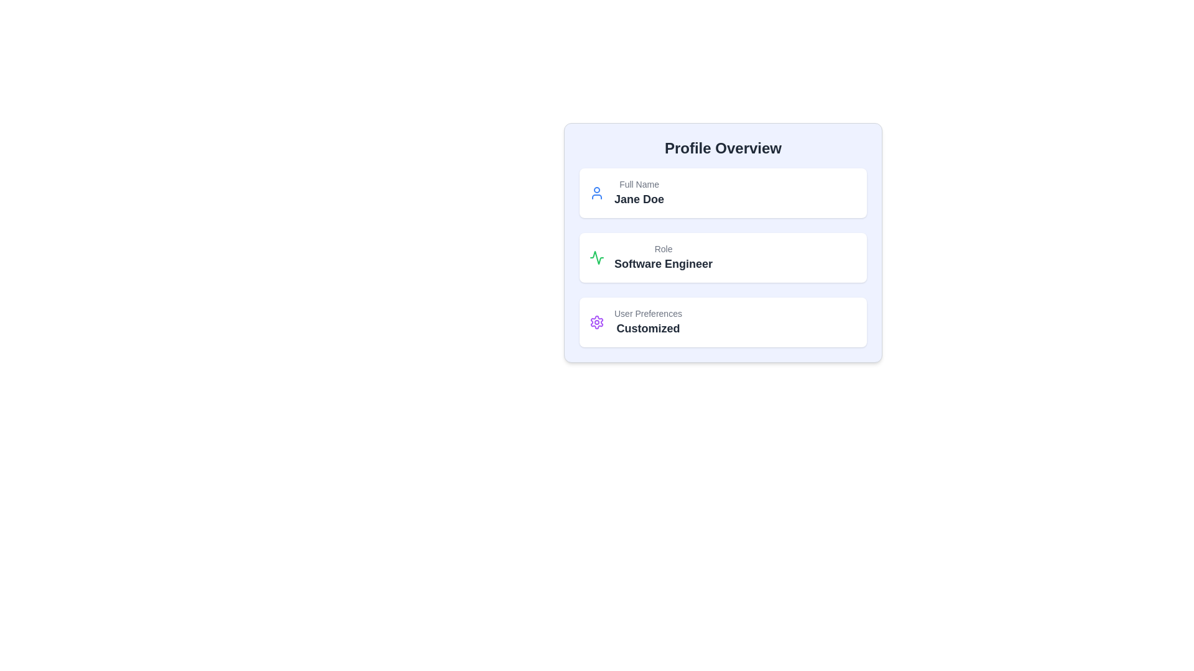 This screenshot has height=671, width=1194. I want to click on header text element that displays 'Profile Overview', which is a large, bold, centered text on a light indigo background at the top of the profile summary card, so click(723, 148).